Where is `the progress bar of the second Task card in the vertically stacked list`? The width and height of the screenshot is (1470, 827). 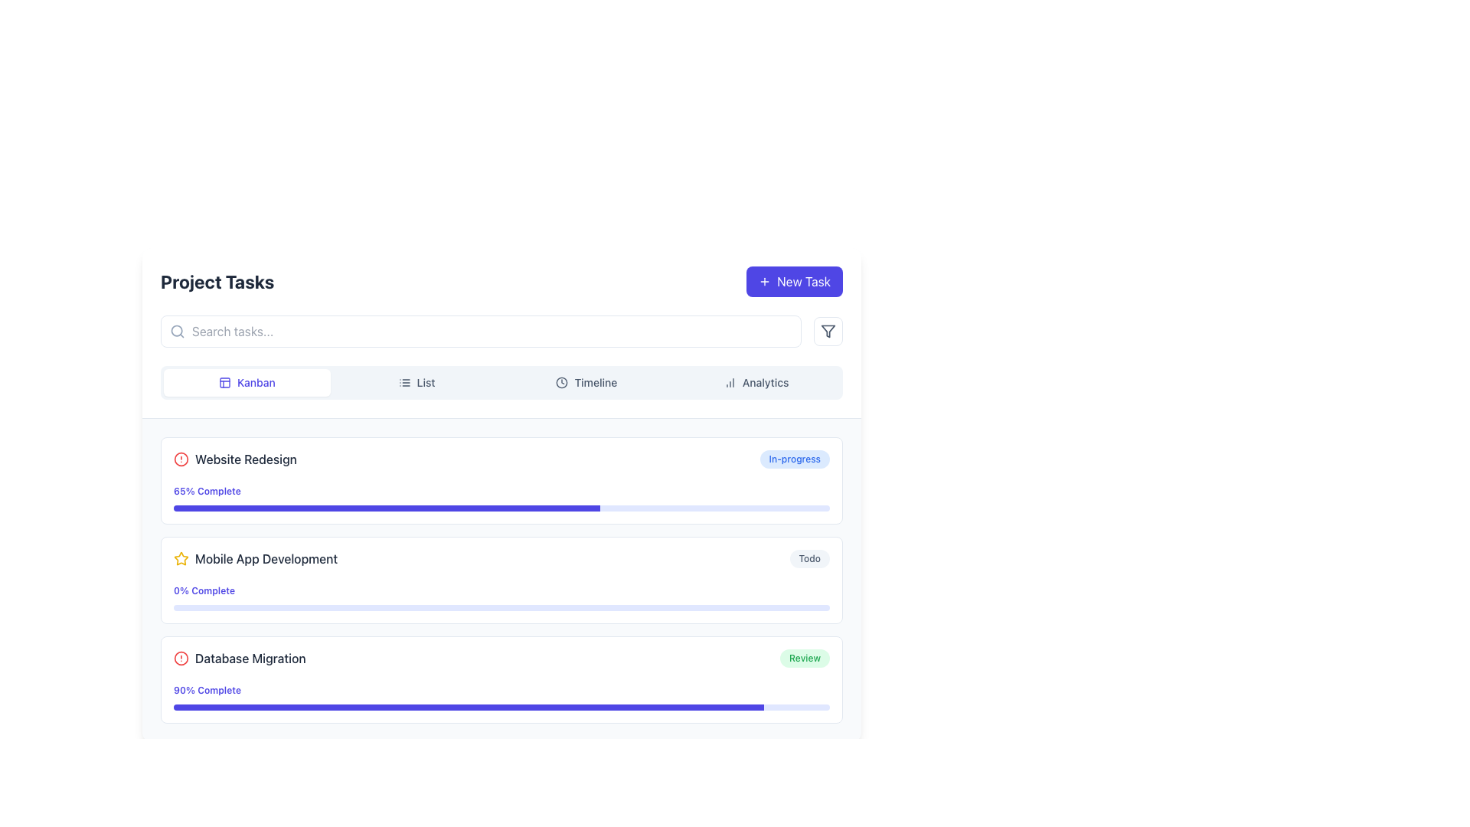 the progress bar of the second Task card in the vertically stacked list is located at coordinates (501, 580).